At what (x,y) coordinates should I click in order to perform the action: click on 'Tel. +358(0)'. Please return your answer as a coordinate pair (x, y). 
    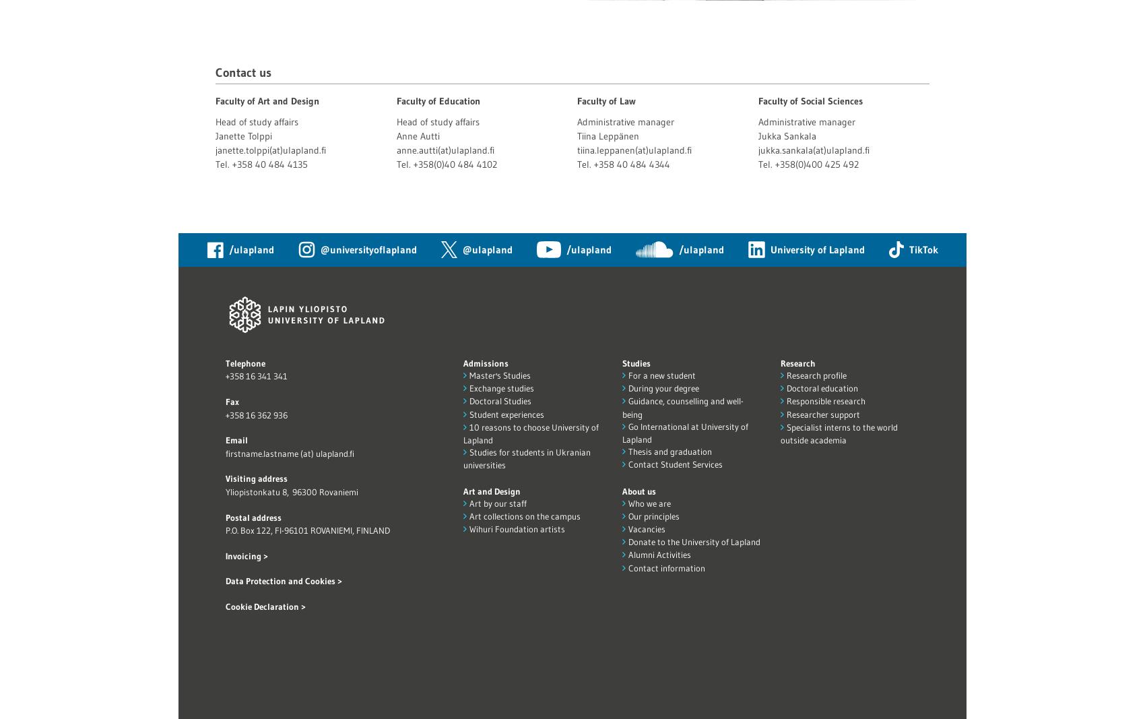
    Looking at the image, I should click on (781, 163).